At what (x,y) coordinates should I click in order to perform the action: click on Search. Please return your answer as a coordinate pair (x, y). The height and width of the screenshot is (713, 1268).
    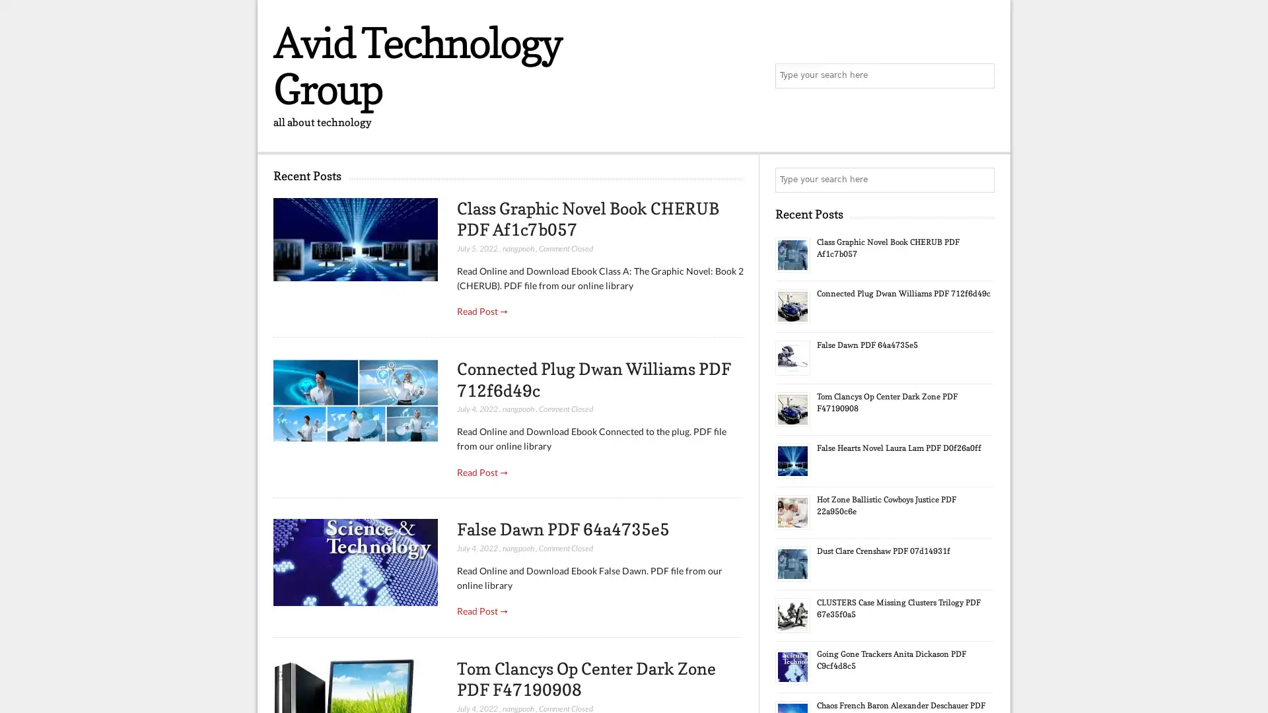
    Looking at the image, I should click on (981, 180).